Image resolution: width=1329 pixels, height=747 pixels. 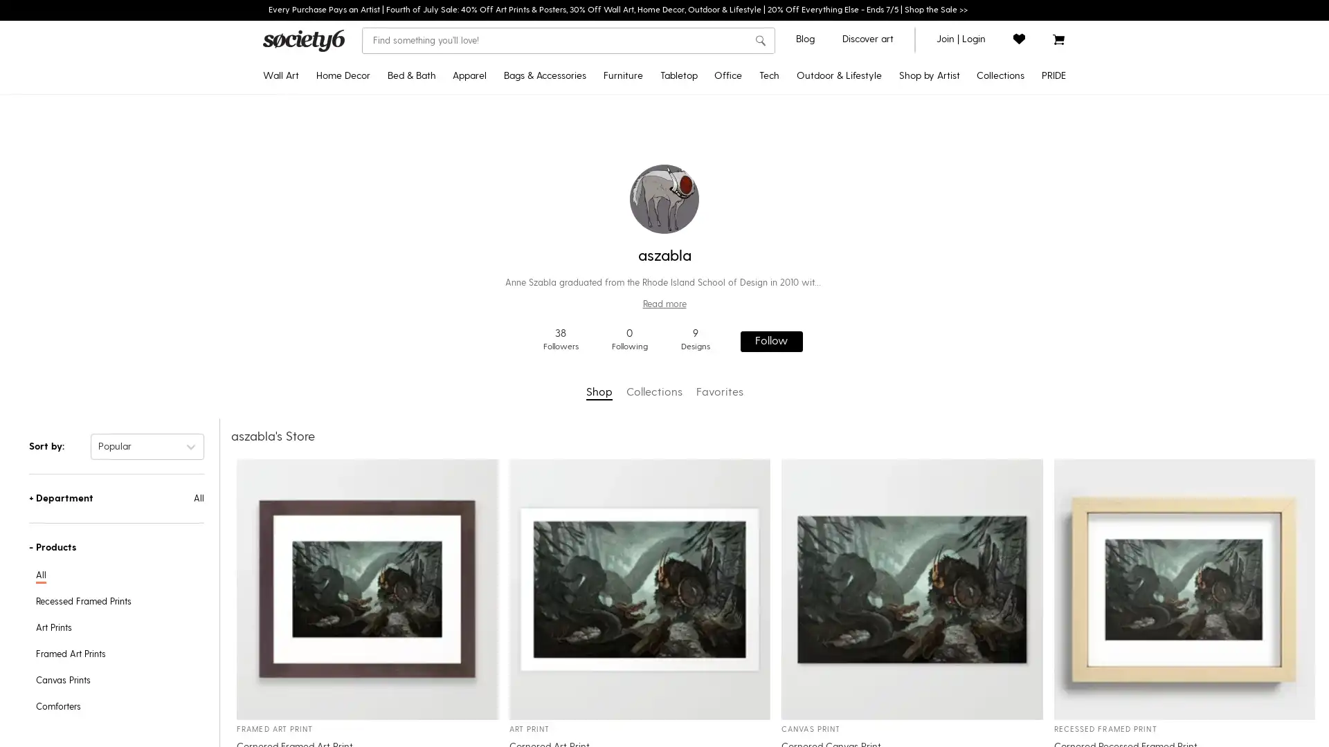 What do you see at coordinates (325, 200) in the screenshot?
I see `Framed Canvas Prints` at bounding box center [325, 200].